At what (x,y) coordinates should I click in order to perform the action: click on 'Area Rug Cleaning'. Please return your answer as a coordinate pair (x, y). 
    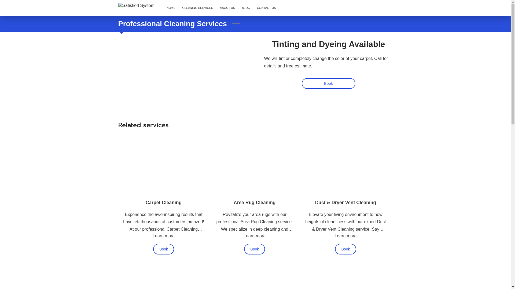
    Looking at the image, I should click on (254, 202).